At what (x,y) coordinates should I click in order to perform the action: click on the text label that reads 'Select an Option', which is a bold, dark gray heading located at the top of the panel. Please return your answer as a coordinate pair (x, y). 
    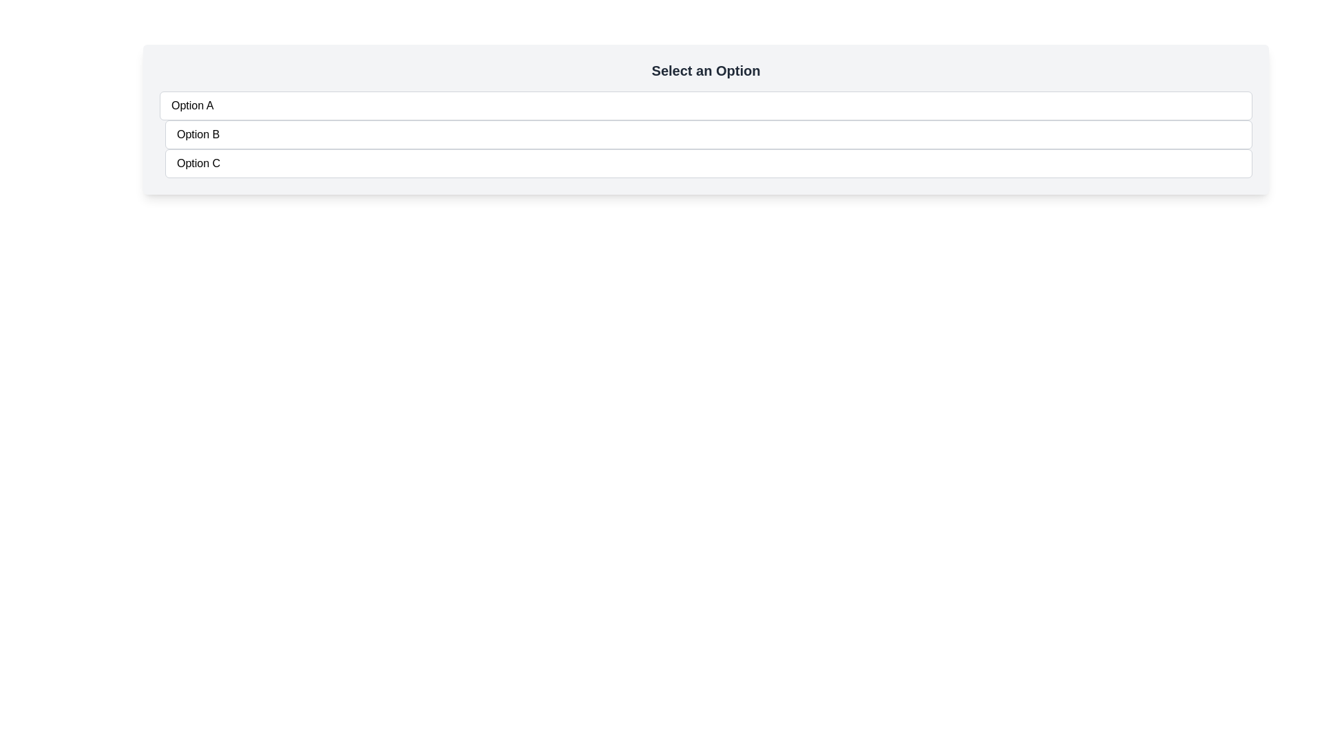
    Looking at the image, I should click on (706, 71).